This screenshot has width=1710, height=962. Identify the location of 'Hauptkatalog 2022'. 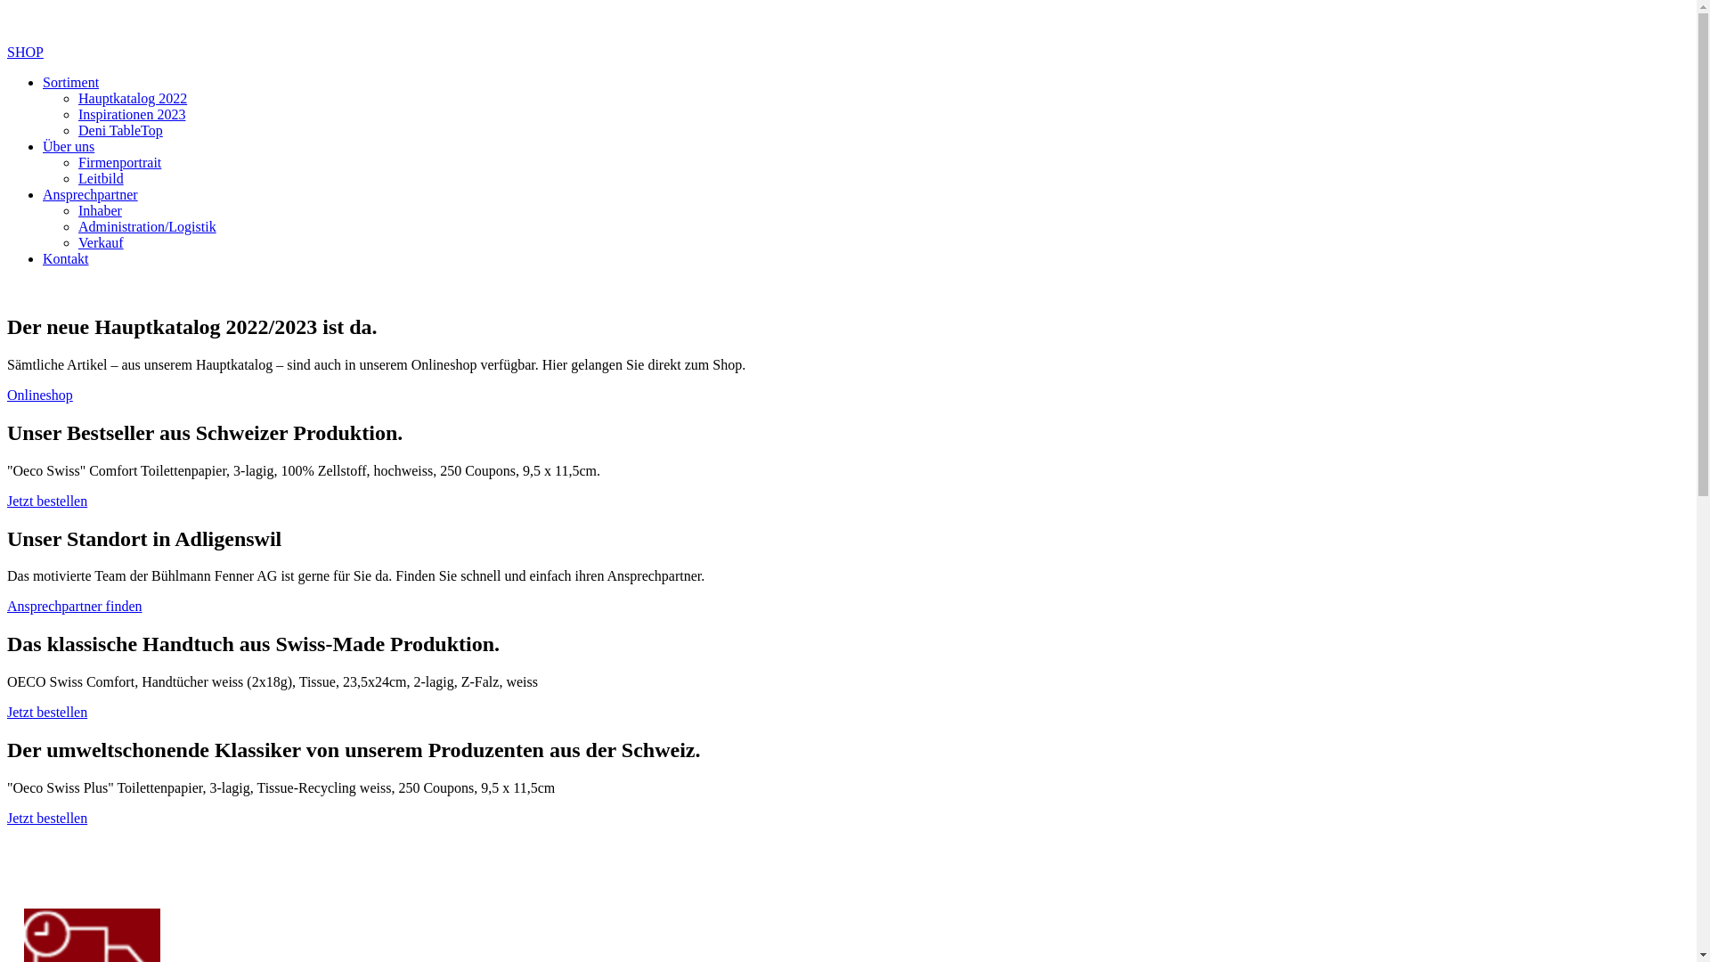
(131, 98).